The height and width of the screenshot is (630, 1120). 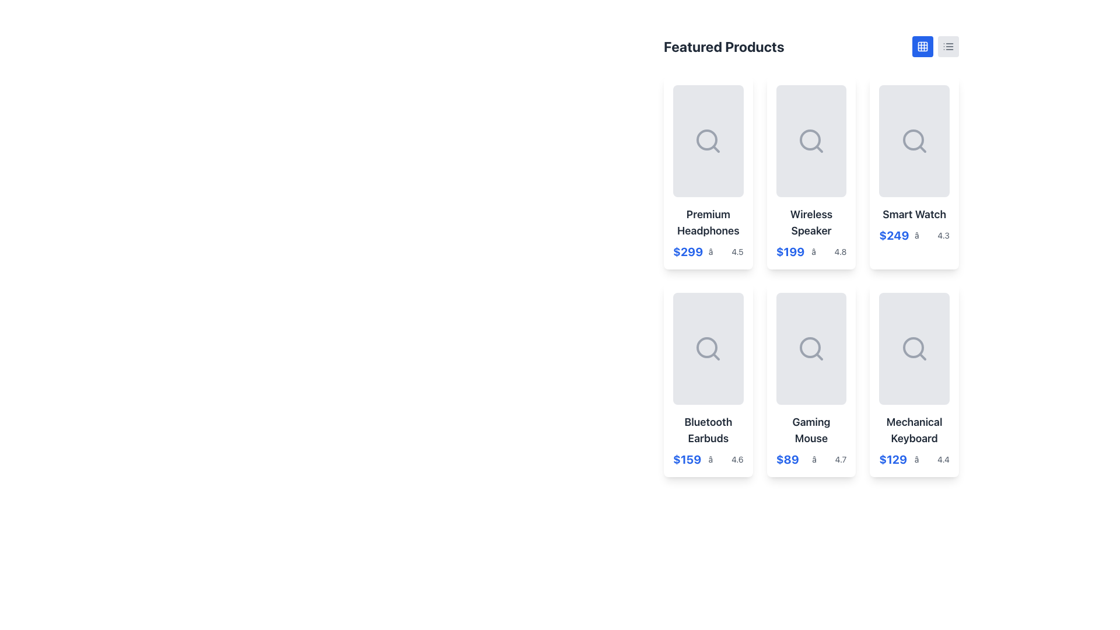 What do you see at coordinates (708, 141) in the screenshot?
I see `the magnifying glass icon located within the first product card under 'Featured Products', centered above the product title 'Premium Headphones'` at bounding box center [708, 141].